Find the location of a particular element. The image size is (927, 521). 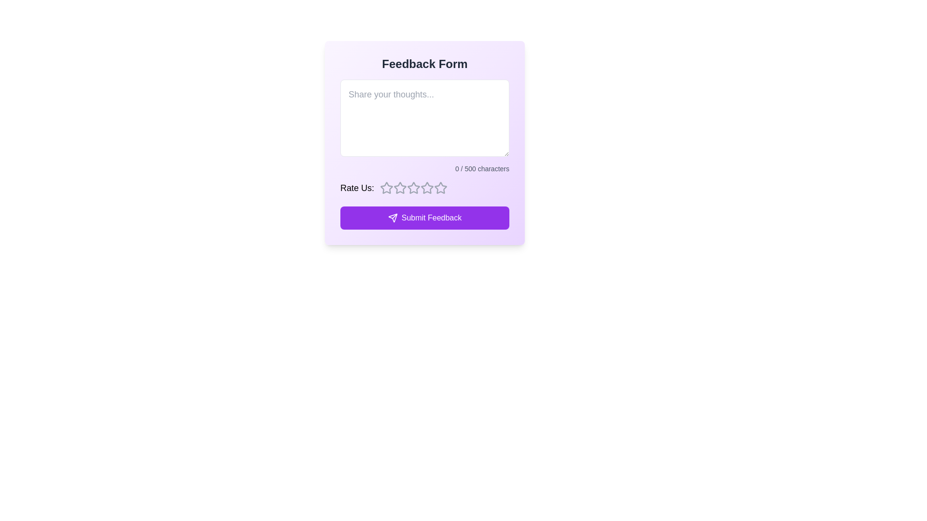

the first star icon representing a one-star rating is located at coordinates (400, 188).